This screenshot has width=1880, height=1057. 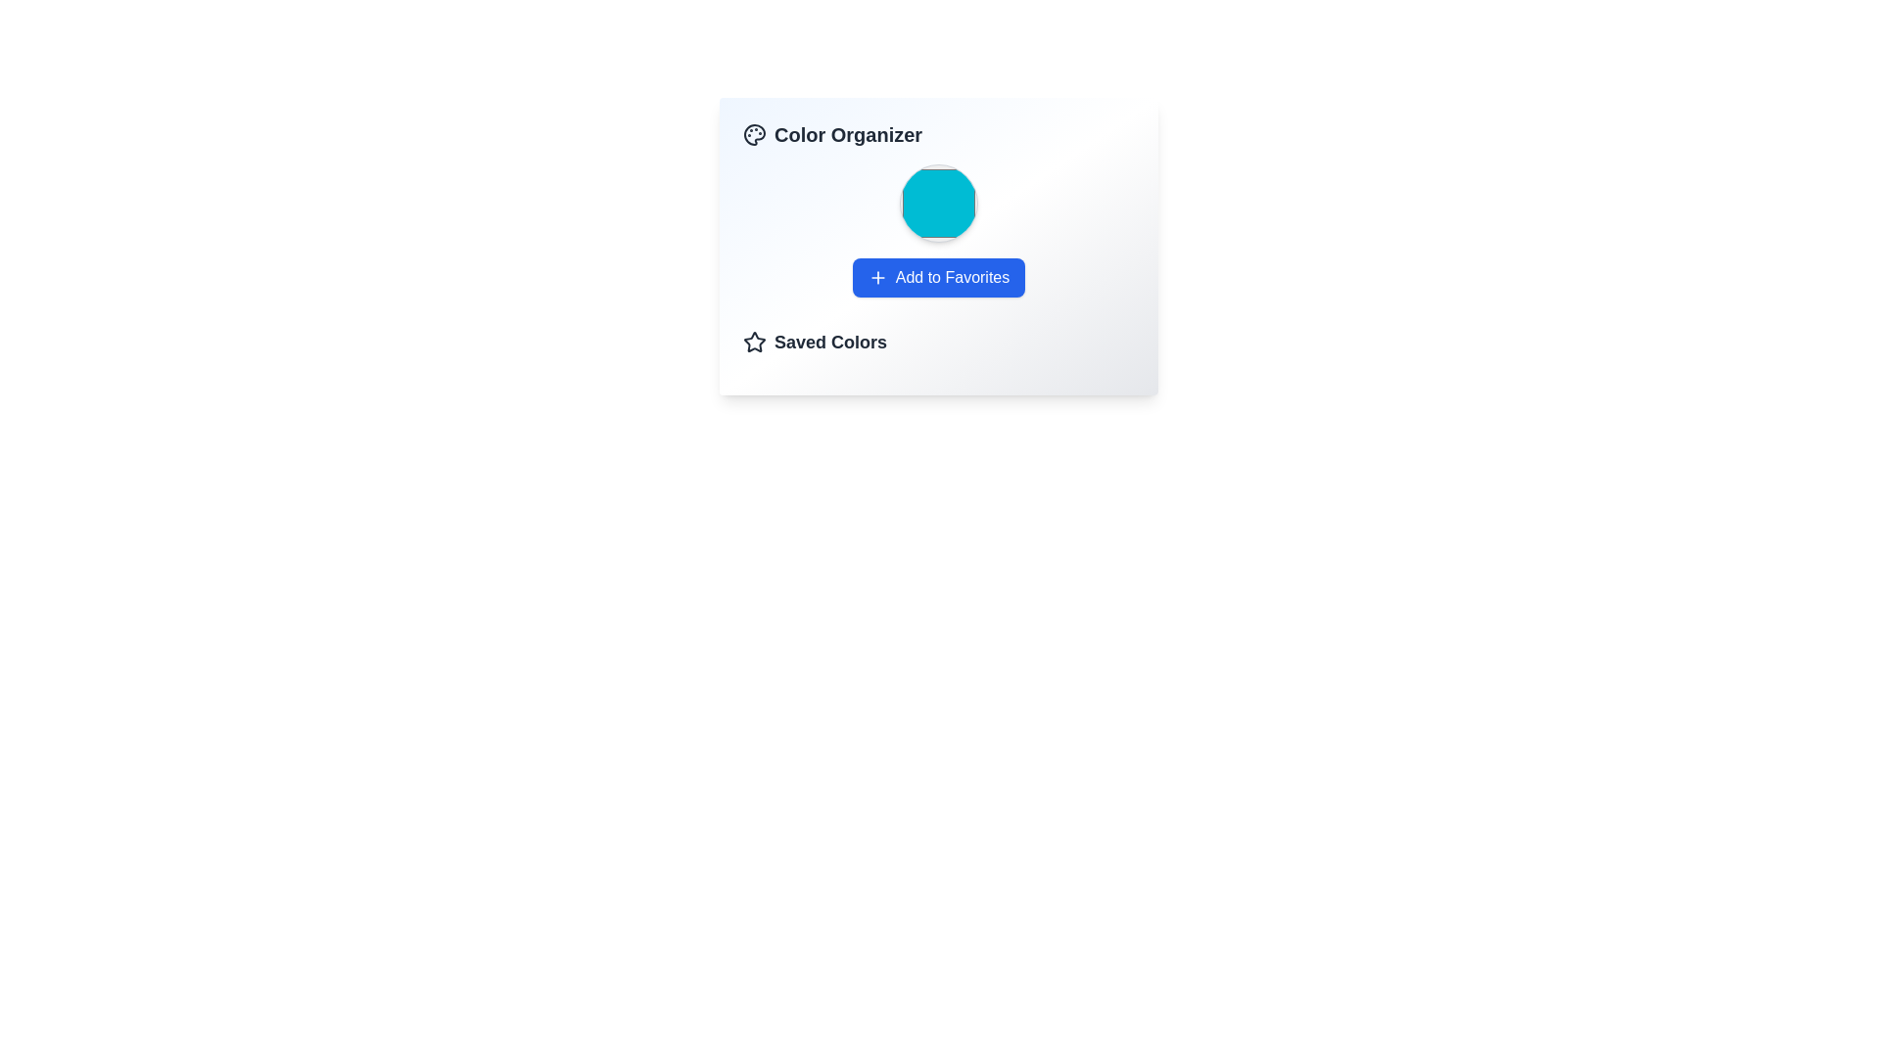 I want to click on the circular color selector located above the blue 'Add to Favorites' button, so click(x=938, y=204).